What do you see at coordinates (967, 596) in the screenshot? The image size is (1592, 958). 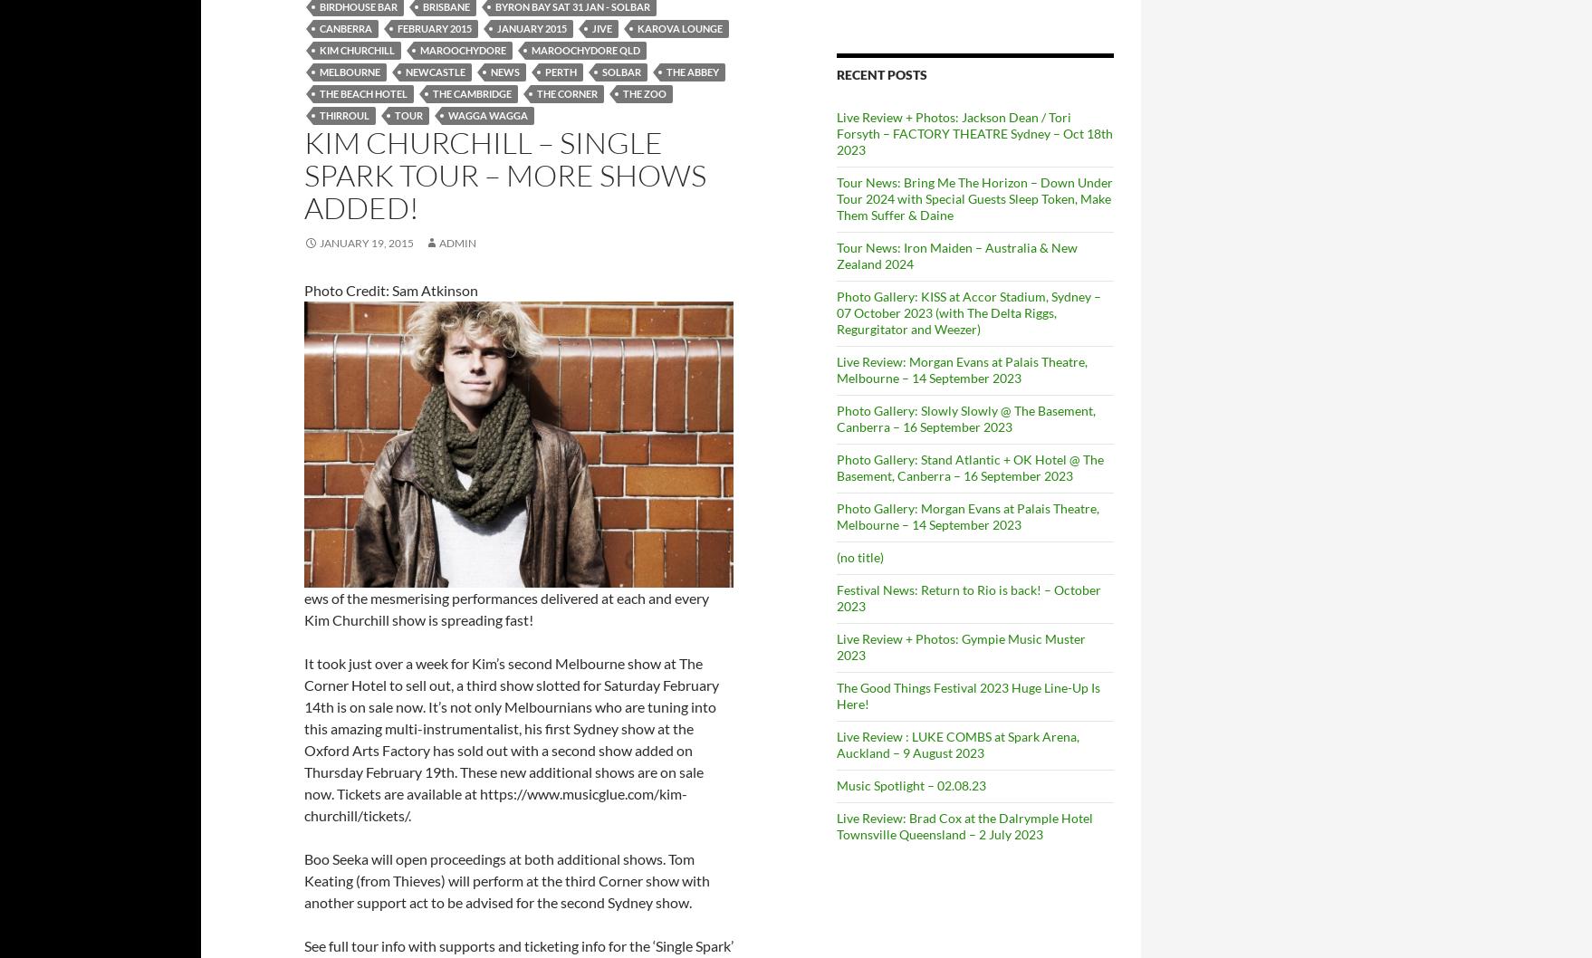 I see `'Festival News: Return to Rio is back! – October 2023'` at bounding box center [967, 596].